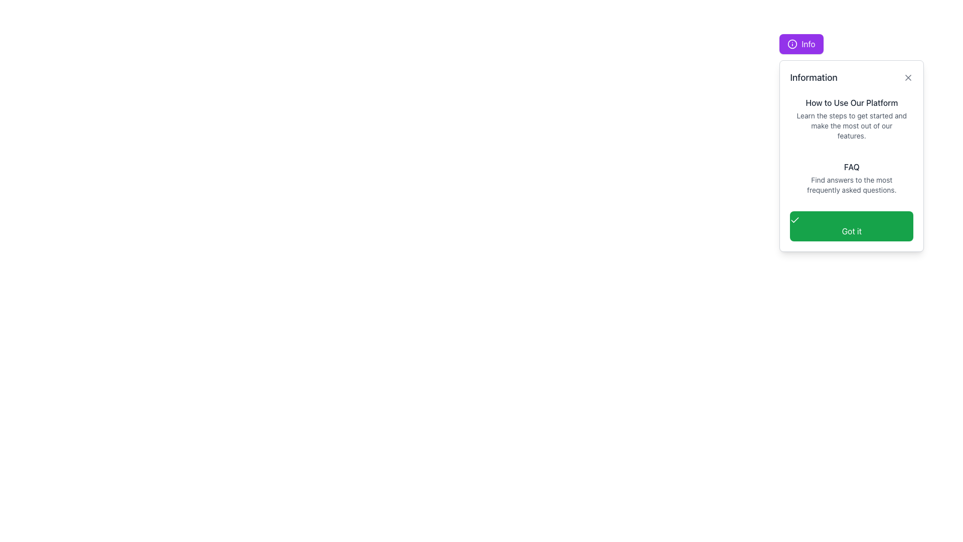 This screenshot has height=542, width=963. What do you see at coordinates (851, 226) in the screenshot?
I see `the green button labeled 'Got it' with a checkmark icon to confirm or dismiss the action` at bounding box center [851, 226].